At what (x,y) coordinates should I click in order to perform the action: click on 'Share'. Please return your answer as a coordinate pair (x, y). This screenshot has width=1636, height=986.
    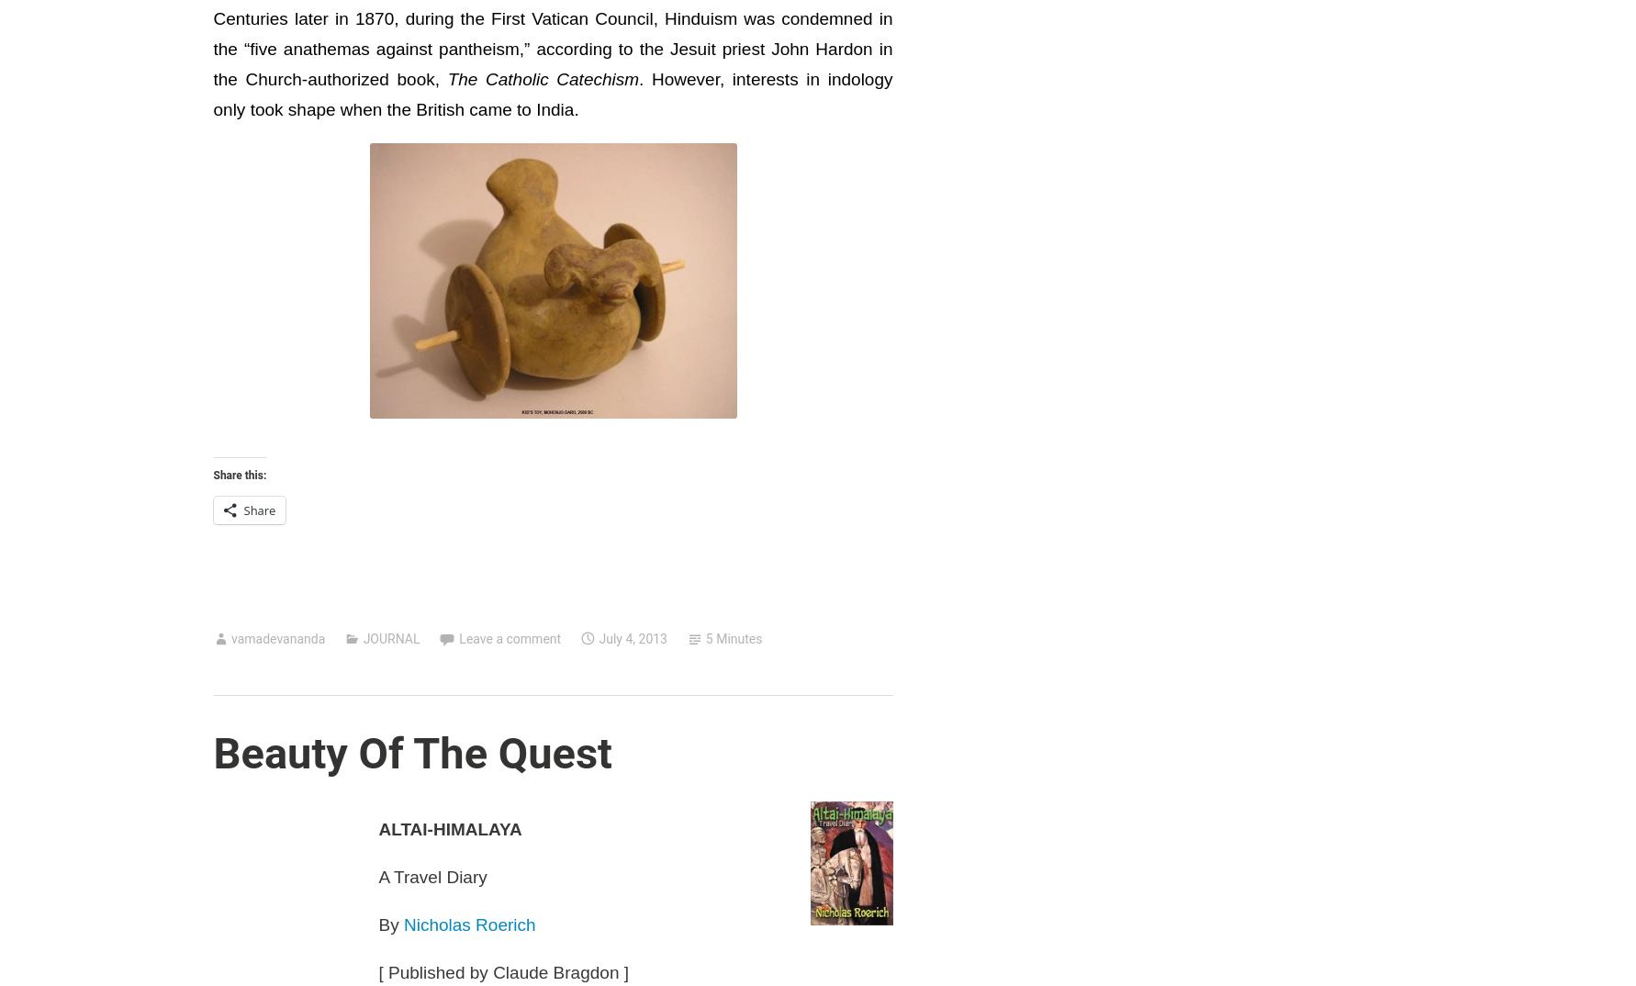
    Looking at the image, I should click on (242, 509).